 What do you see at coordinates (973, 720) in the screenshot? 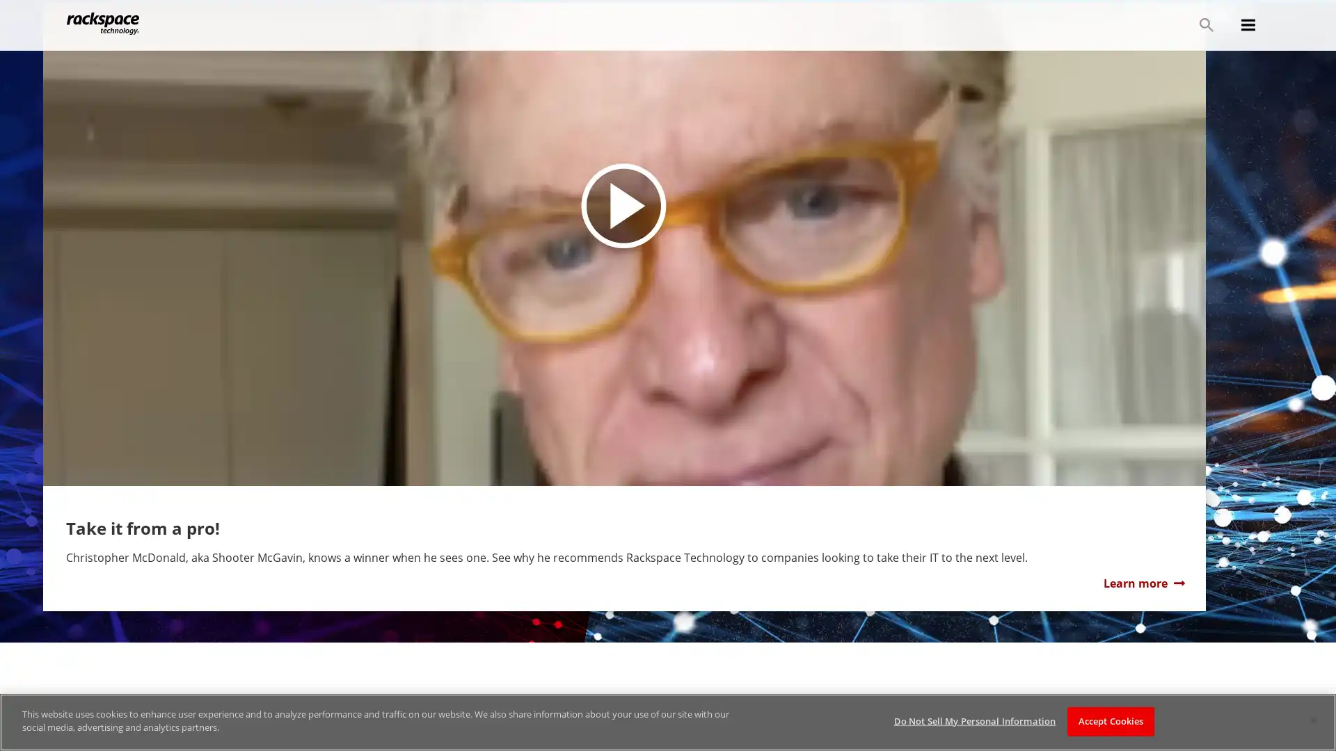
I see `Do Not Sell My Personal Information` at bounding box center [973, 720].